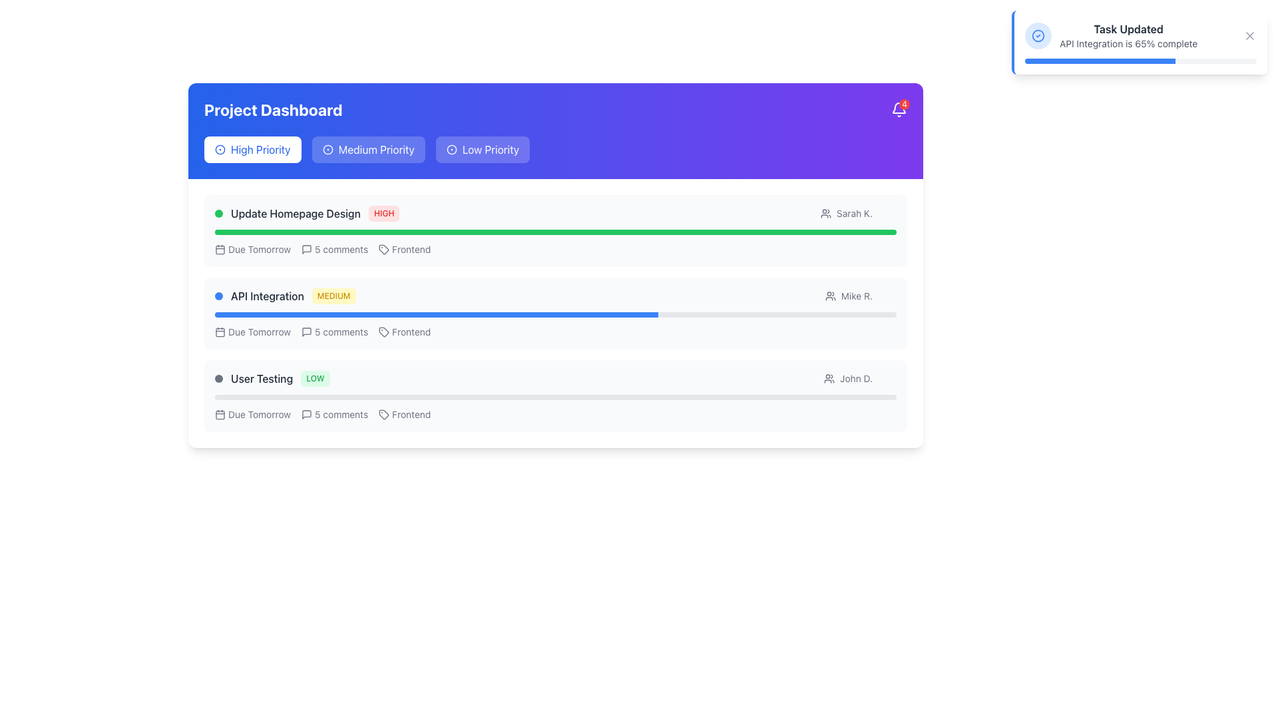 The image size is (1278, 719). Describe the element at coordinates (436, 315) in the screenshot. I see `the Progress bar segment representing 65% completion of the API Integration task` at that location.